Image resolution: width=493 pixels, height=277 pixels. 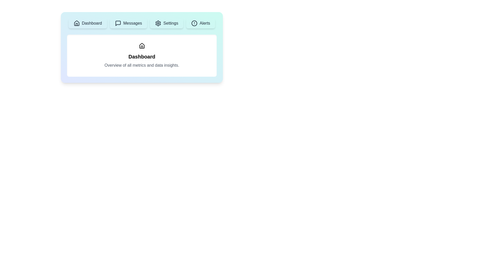 I want to click on the tab labeled 'Dashboard' to preview its hover effect, so click(x=88, y=23).